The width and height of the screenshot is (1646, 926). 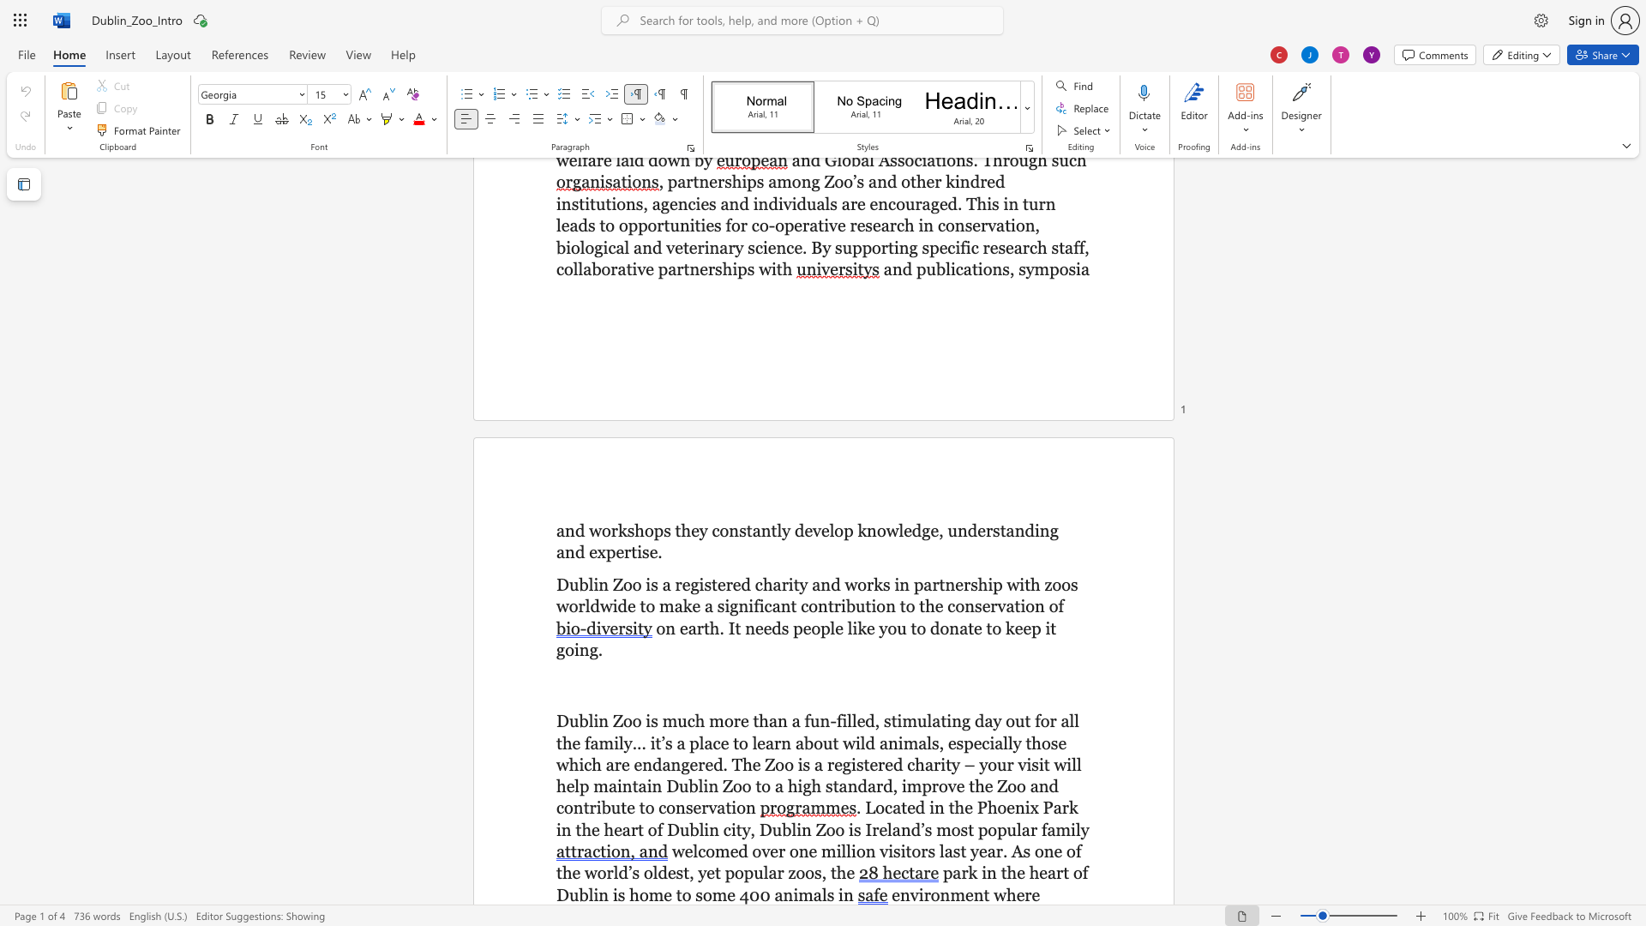 I want to click on the 7th character "s" in the text, so click(x=978, y=605).